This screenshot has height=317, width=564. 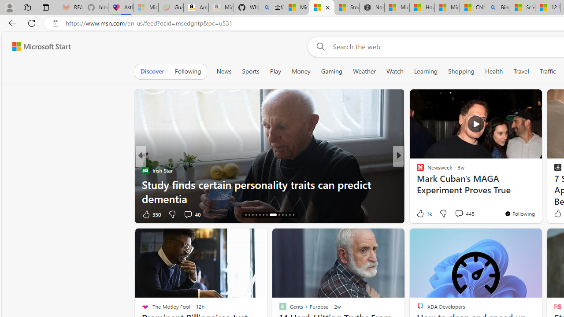 What do you see at coordinates (422, 214) in the screenshot?
I see `'109 Like'` at bounding box center [422, 214].